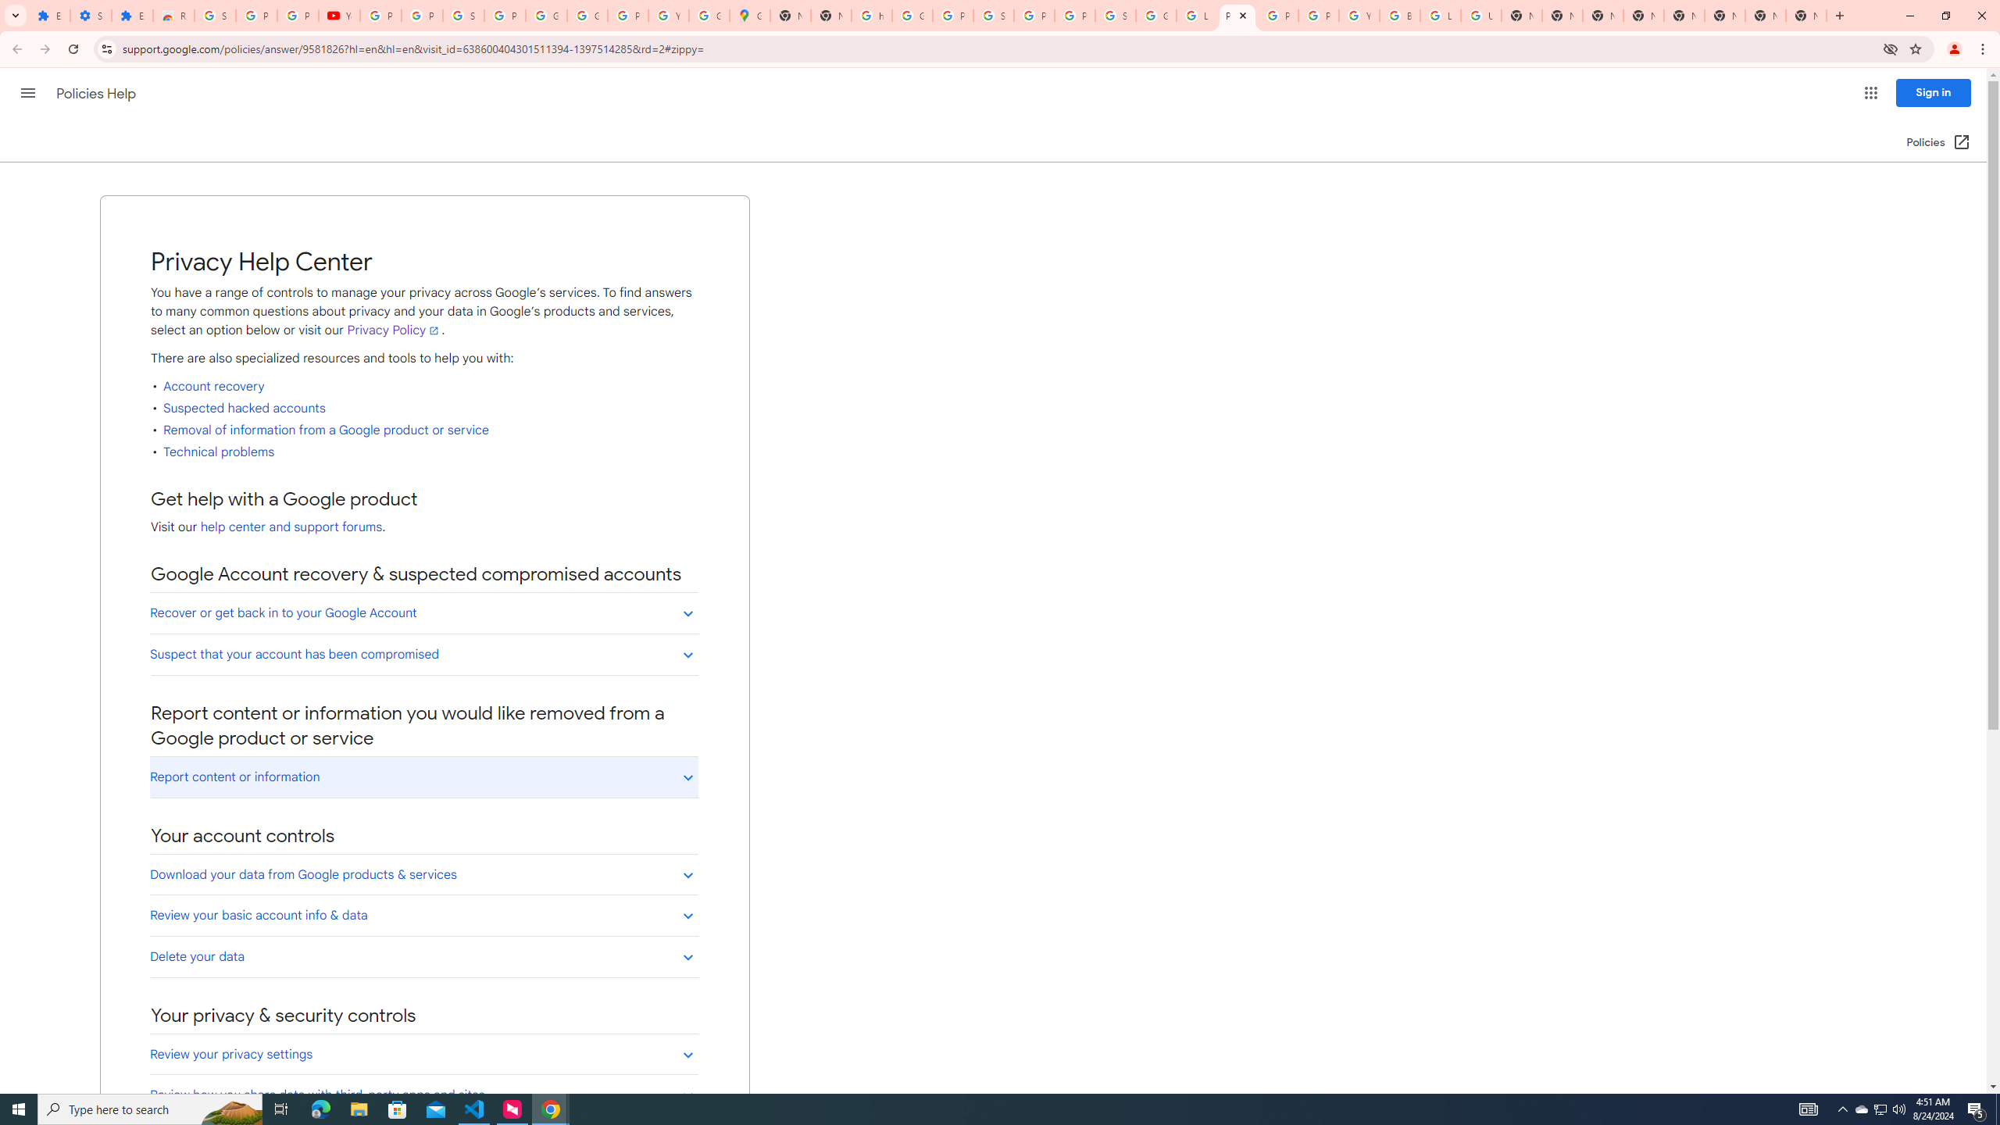  I want to click on 'Reviews: Helix Fruit Jump Arcade Game', so click(173, 15).